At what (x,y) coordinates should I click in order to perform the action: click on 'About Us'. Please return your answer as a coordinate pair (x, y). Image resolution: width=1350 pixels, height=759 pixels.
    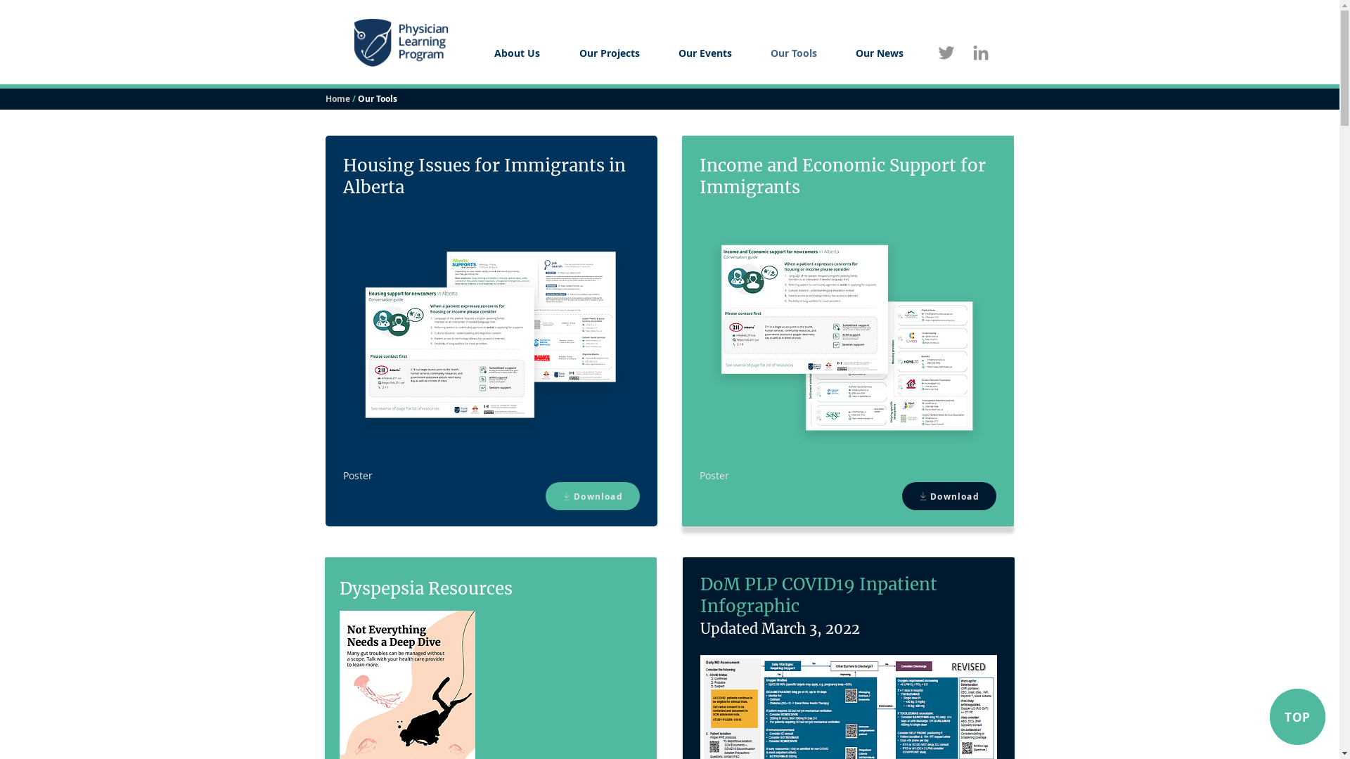
    Looking at the image, I should click on (473, 52).